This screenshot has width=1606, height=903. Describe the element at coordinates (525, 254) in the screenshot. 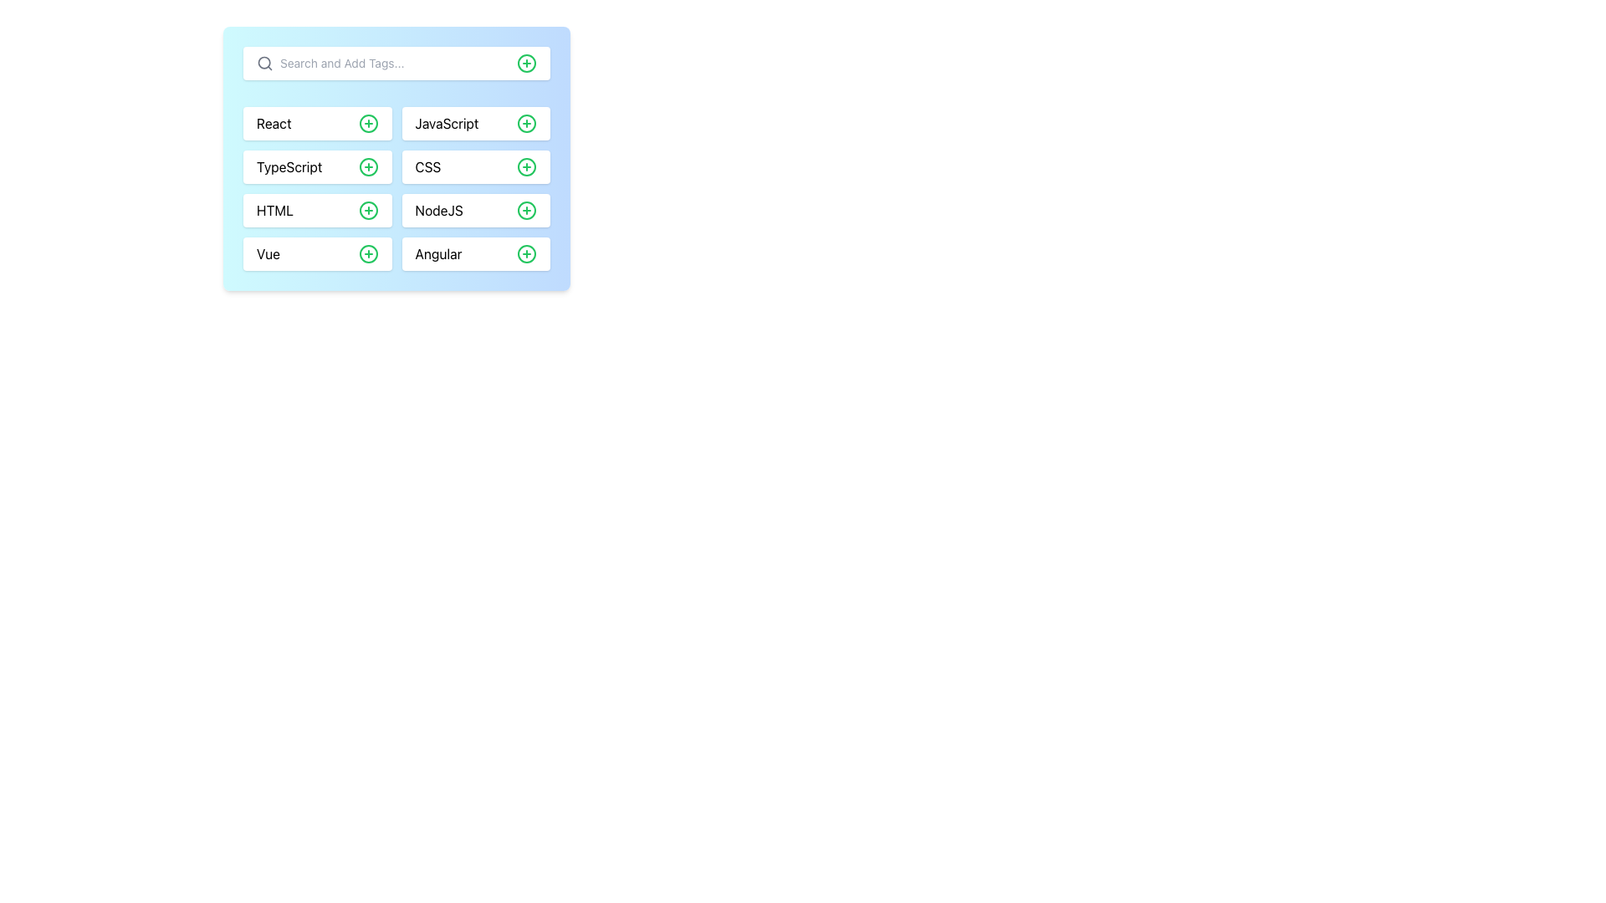

I see `the button for adding or expanding the 'Angular' tag, located at the rightmost position in the row labeled 'Angular'` at that location.